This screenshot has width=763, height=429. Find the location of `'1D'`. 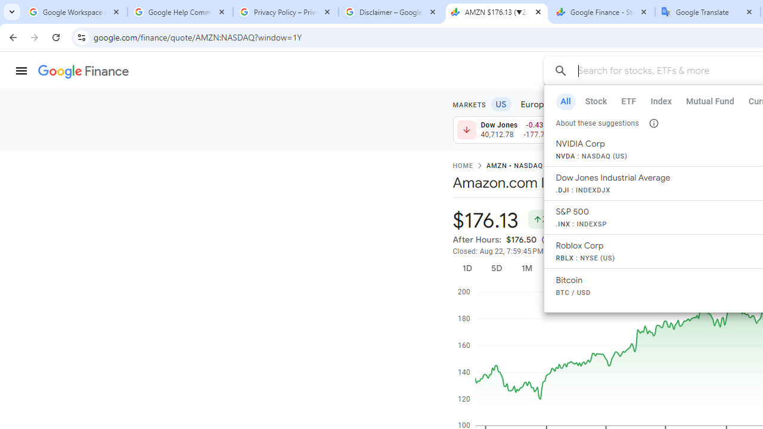

'1D' is located at coordinates (466, 268).